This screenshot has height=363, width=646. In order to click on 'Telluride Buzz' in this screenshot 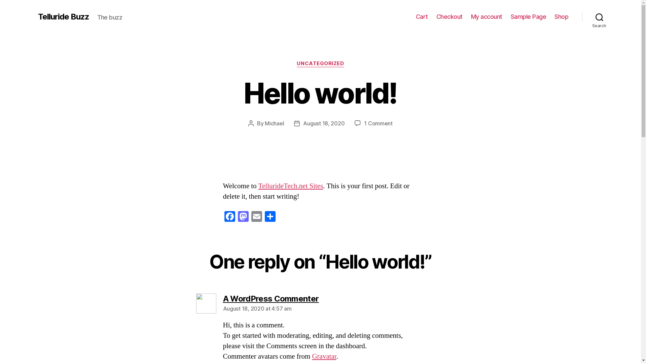, I will do `click(63, 16)`.